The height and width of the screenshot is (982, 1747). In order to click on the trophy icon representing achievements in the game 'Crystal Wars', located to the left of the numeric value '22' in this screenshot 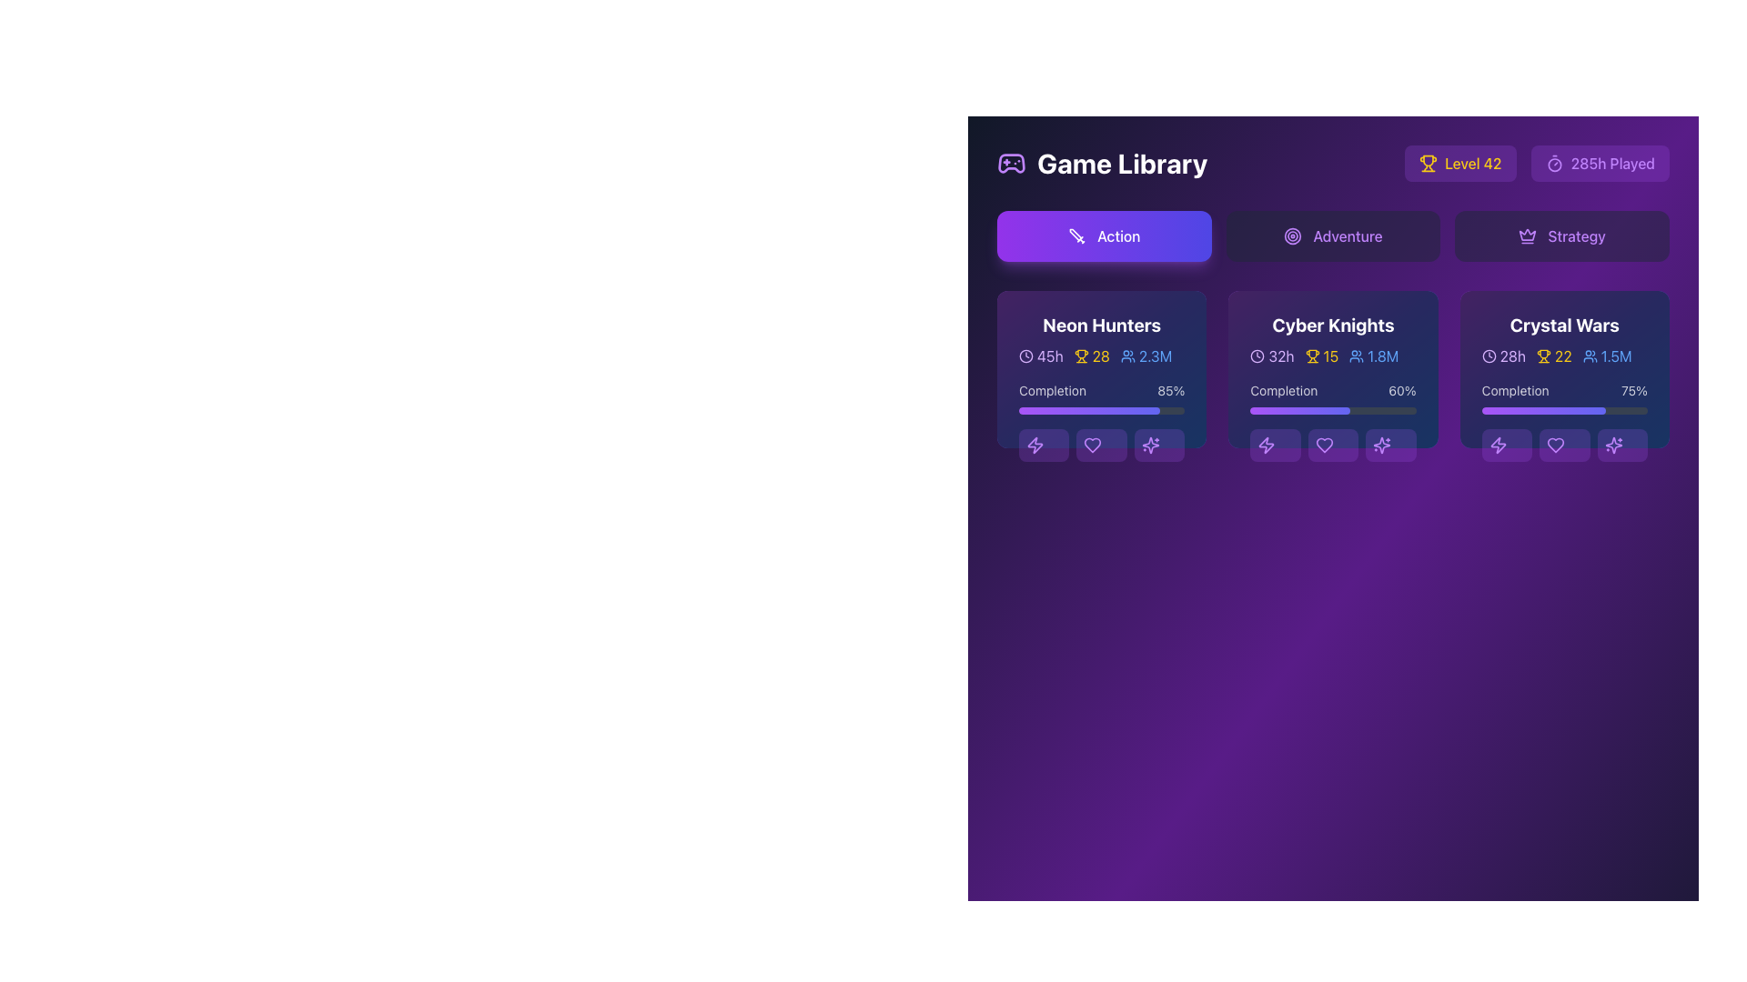, I will do `click(1543, 356)`.